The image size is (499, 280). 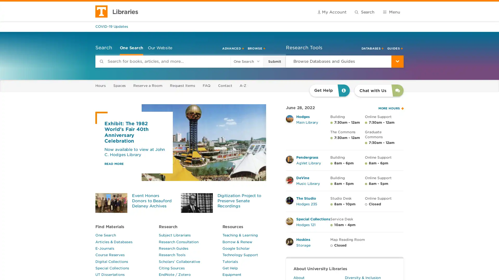 What do you see at coordinates (379, 90) in the screenshot?
I see `Chat with Us` at bounding box center [379, 90].